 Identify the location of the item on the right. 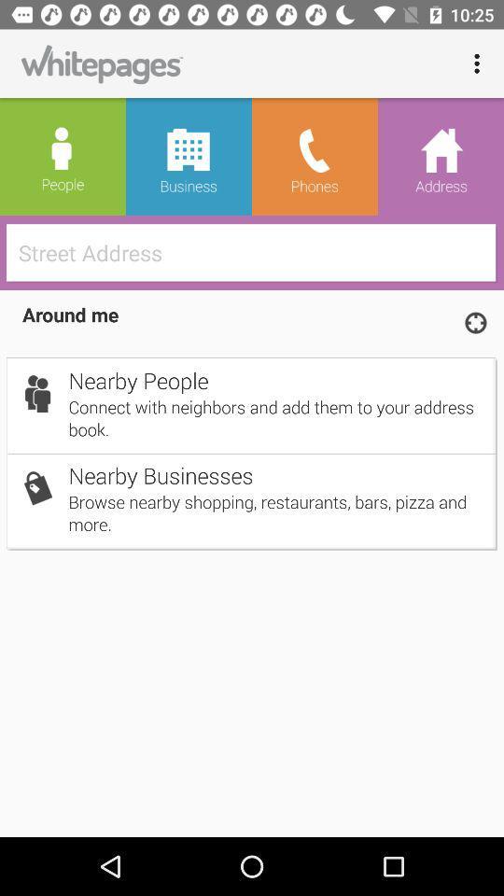
(475, 322).